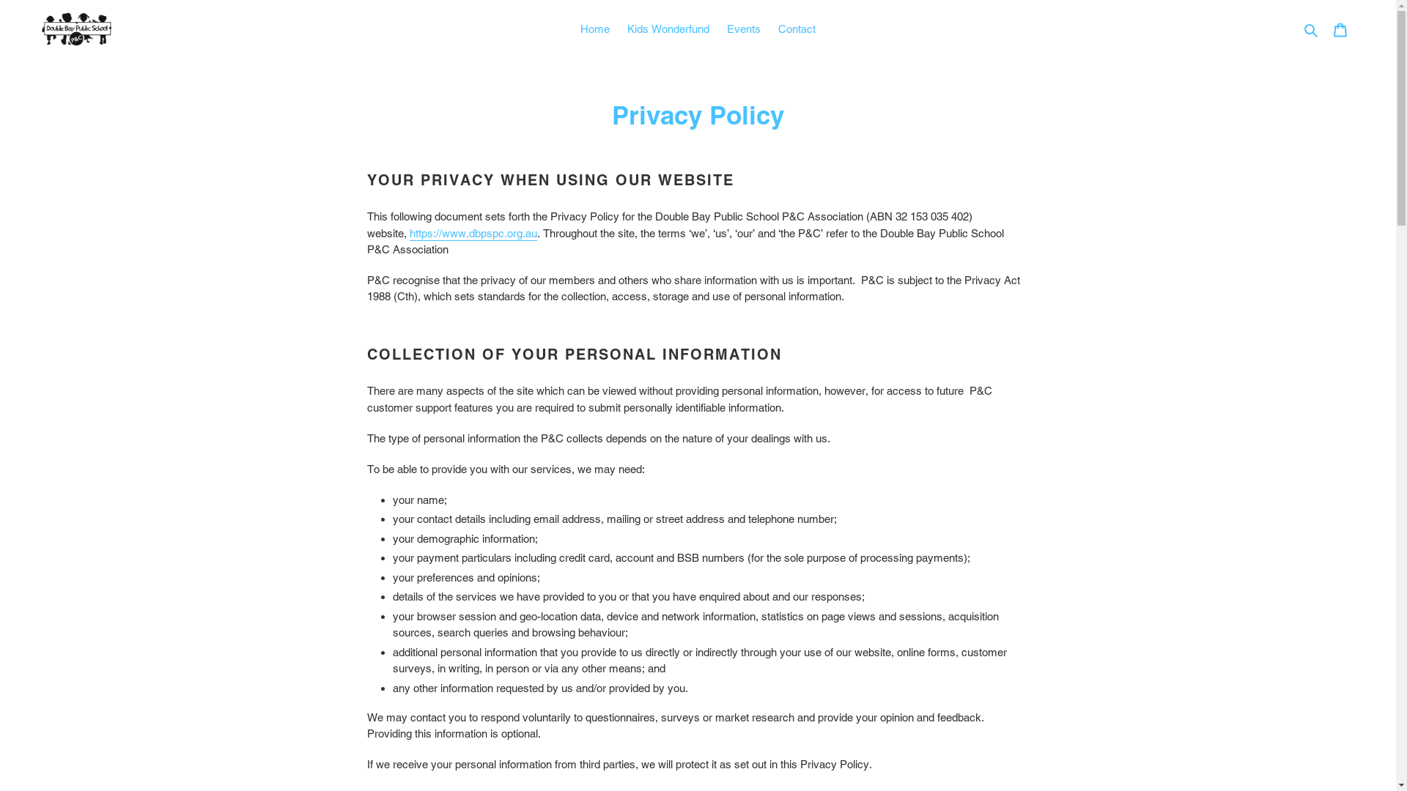 This screenshot has height=791, width=1407. What do you see at coordinates (668, 29) in the screenshot?
I see `'Kids Wonderfund'` at bounding box center [668, 29].